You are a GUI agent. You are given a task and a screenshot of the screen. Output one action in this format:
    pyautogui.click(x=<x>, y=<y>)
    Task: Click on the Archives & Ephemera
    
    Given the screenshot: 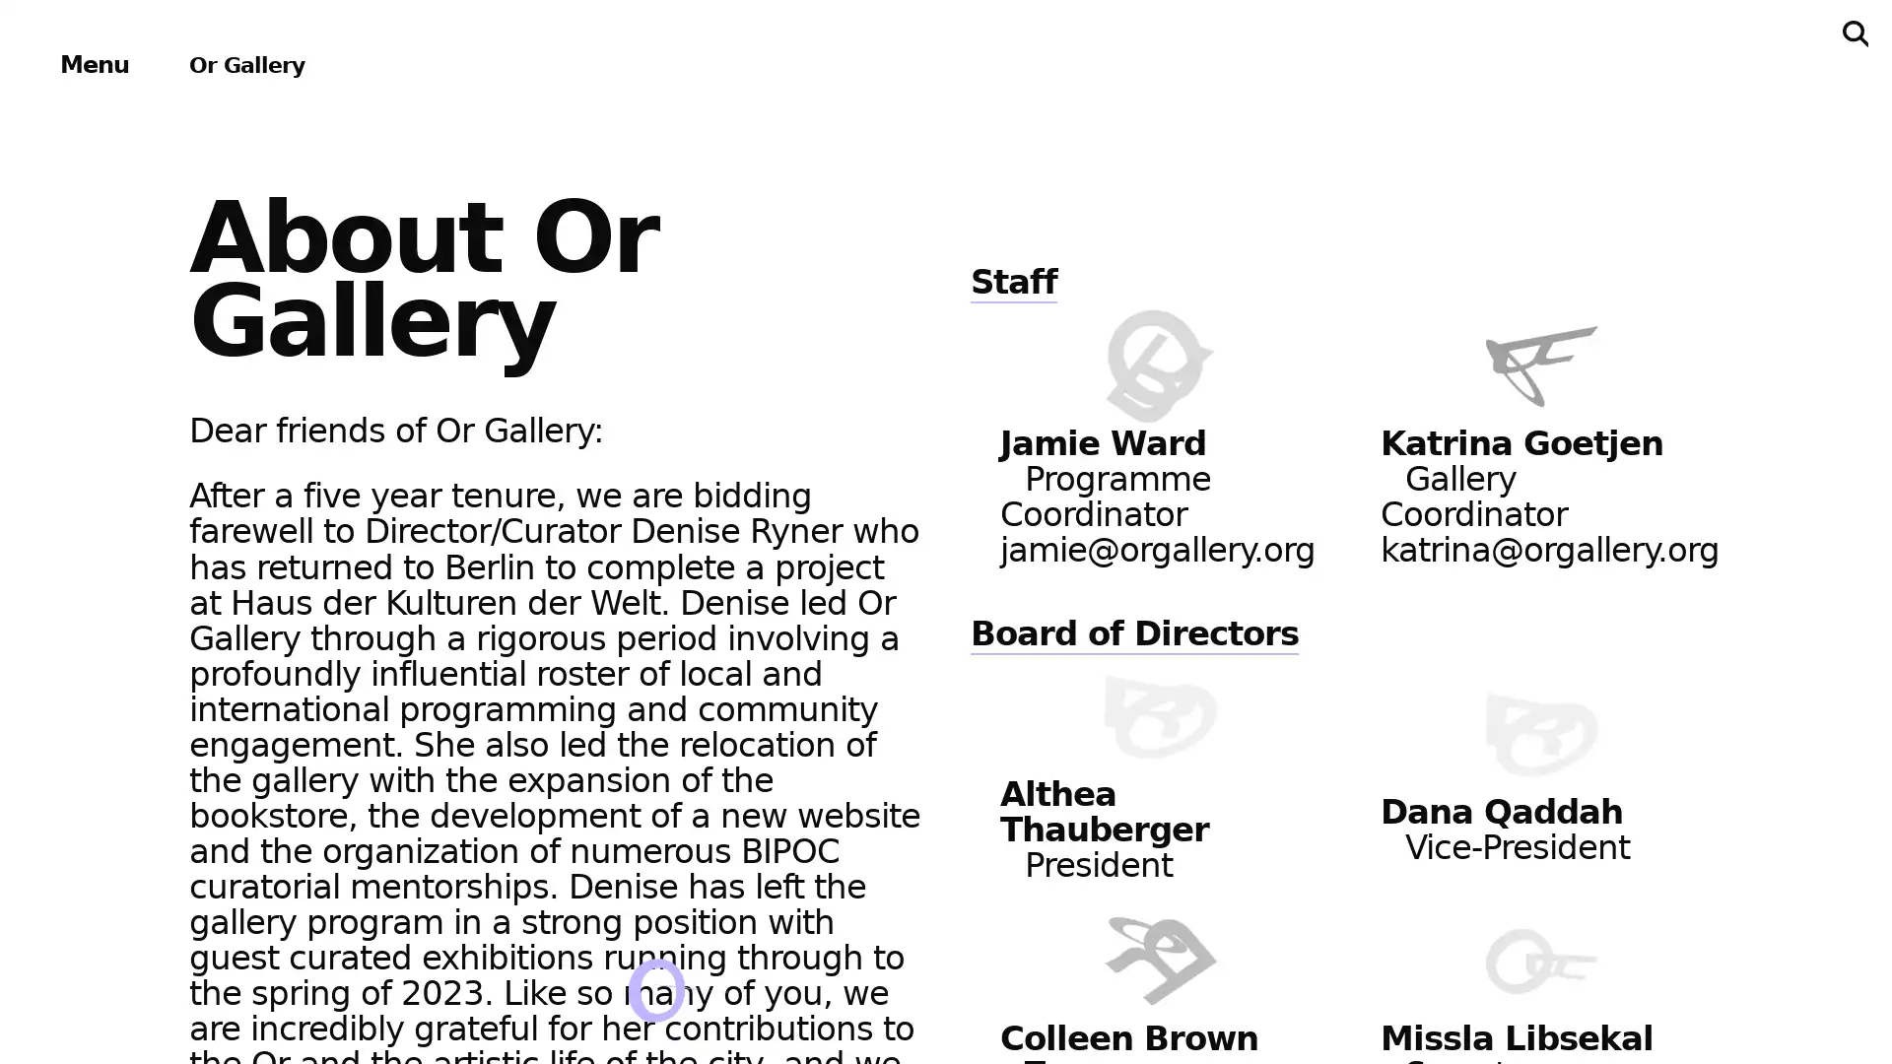 What is the action you would take?
    pyautogui.click(x=428, y=670)
    